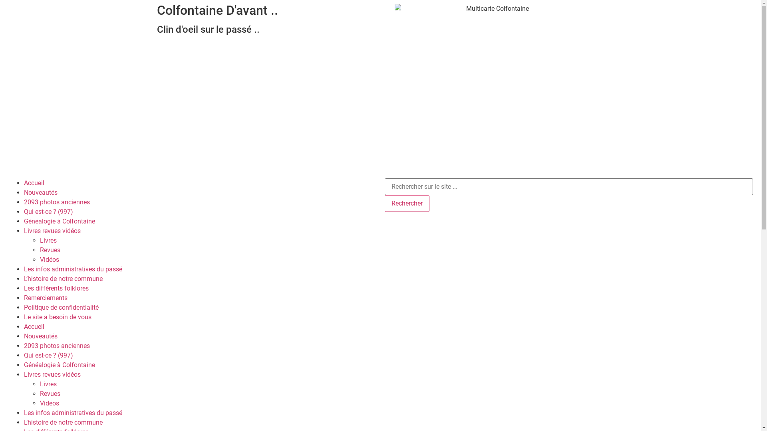 This screenshot has height=431, width=767. Describe the element at coordinates (40, 384) in the screenshot. I see `'Livres'` at that location.